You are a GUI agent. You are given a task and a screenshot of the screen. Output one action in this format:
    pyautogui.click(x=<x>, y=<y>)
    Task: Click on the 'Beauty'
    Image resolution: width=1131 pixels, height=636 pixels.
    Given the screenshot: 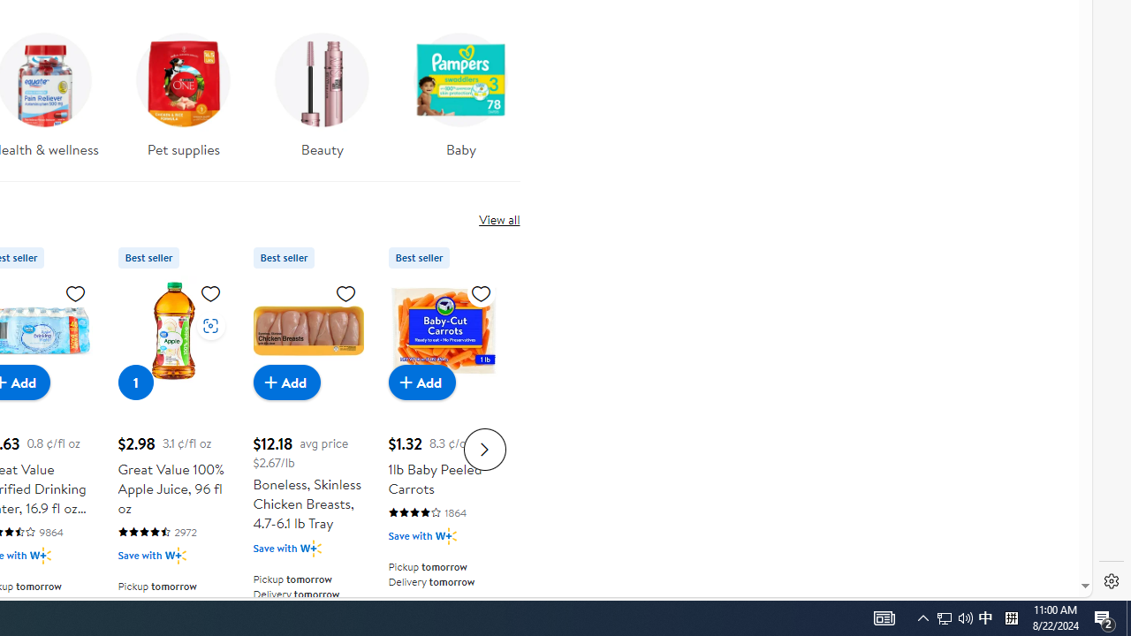 What is the action you would take?
    pyautogui.click(x=322, y=101)
    